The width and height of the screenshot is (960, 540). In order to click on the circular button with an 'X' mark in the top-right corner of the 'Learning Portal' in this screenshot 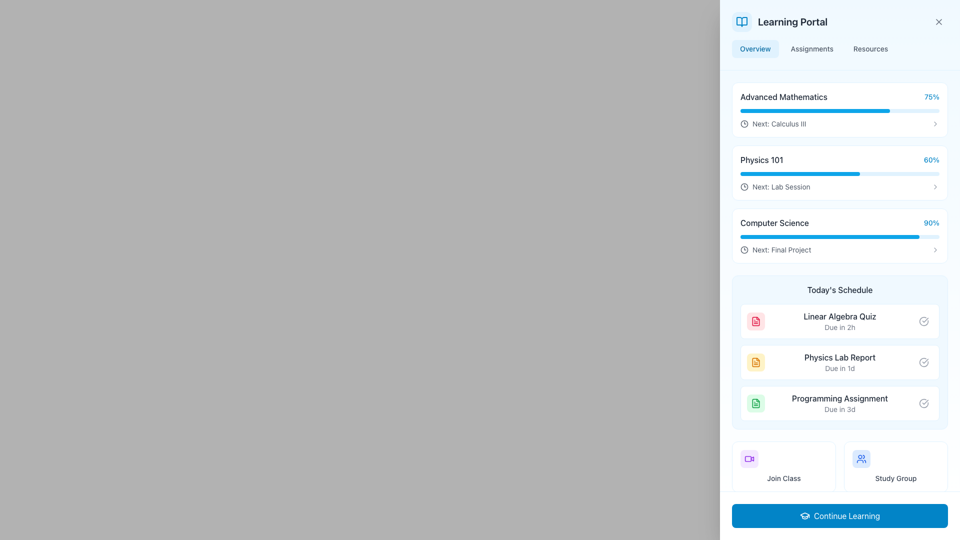, I will do `click(938, 21)`.